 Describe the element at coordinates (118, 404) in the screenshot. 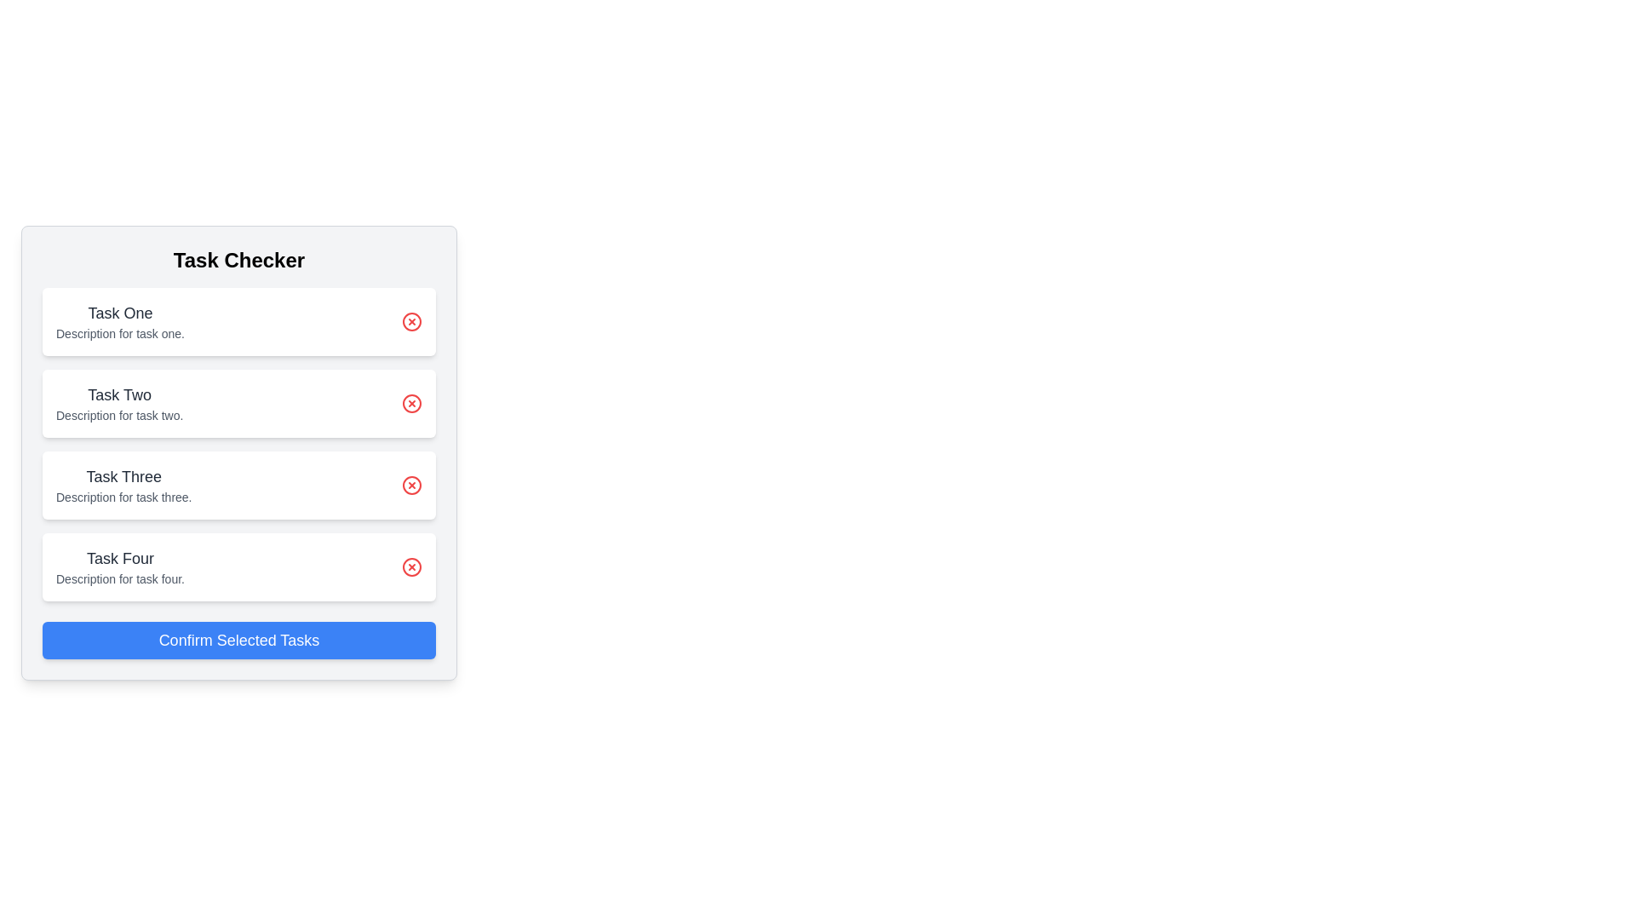

I see `the Text Display Block titled 'Task Two' that contains the description 'Description for task two.' within the 'Task Checker' section` at that location.